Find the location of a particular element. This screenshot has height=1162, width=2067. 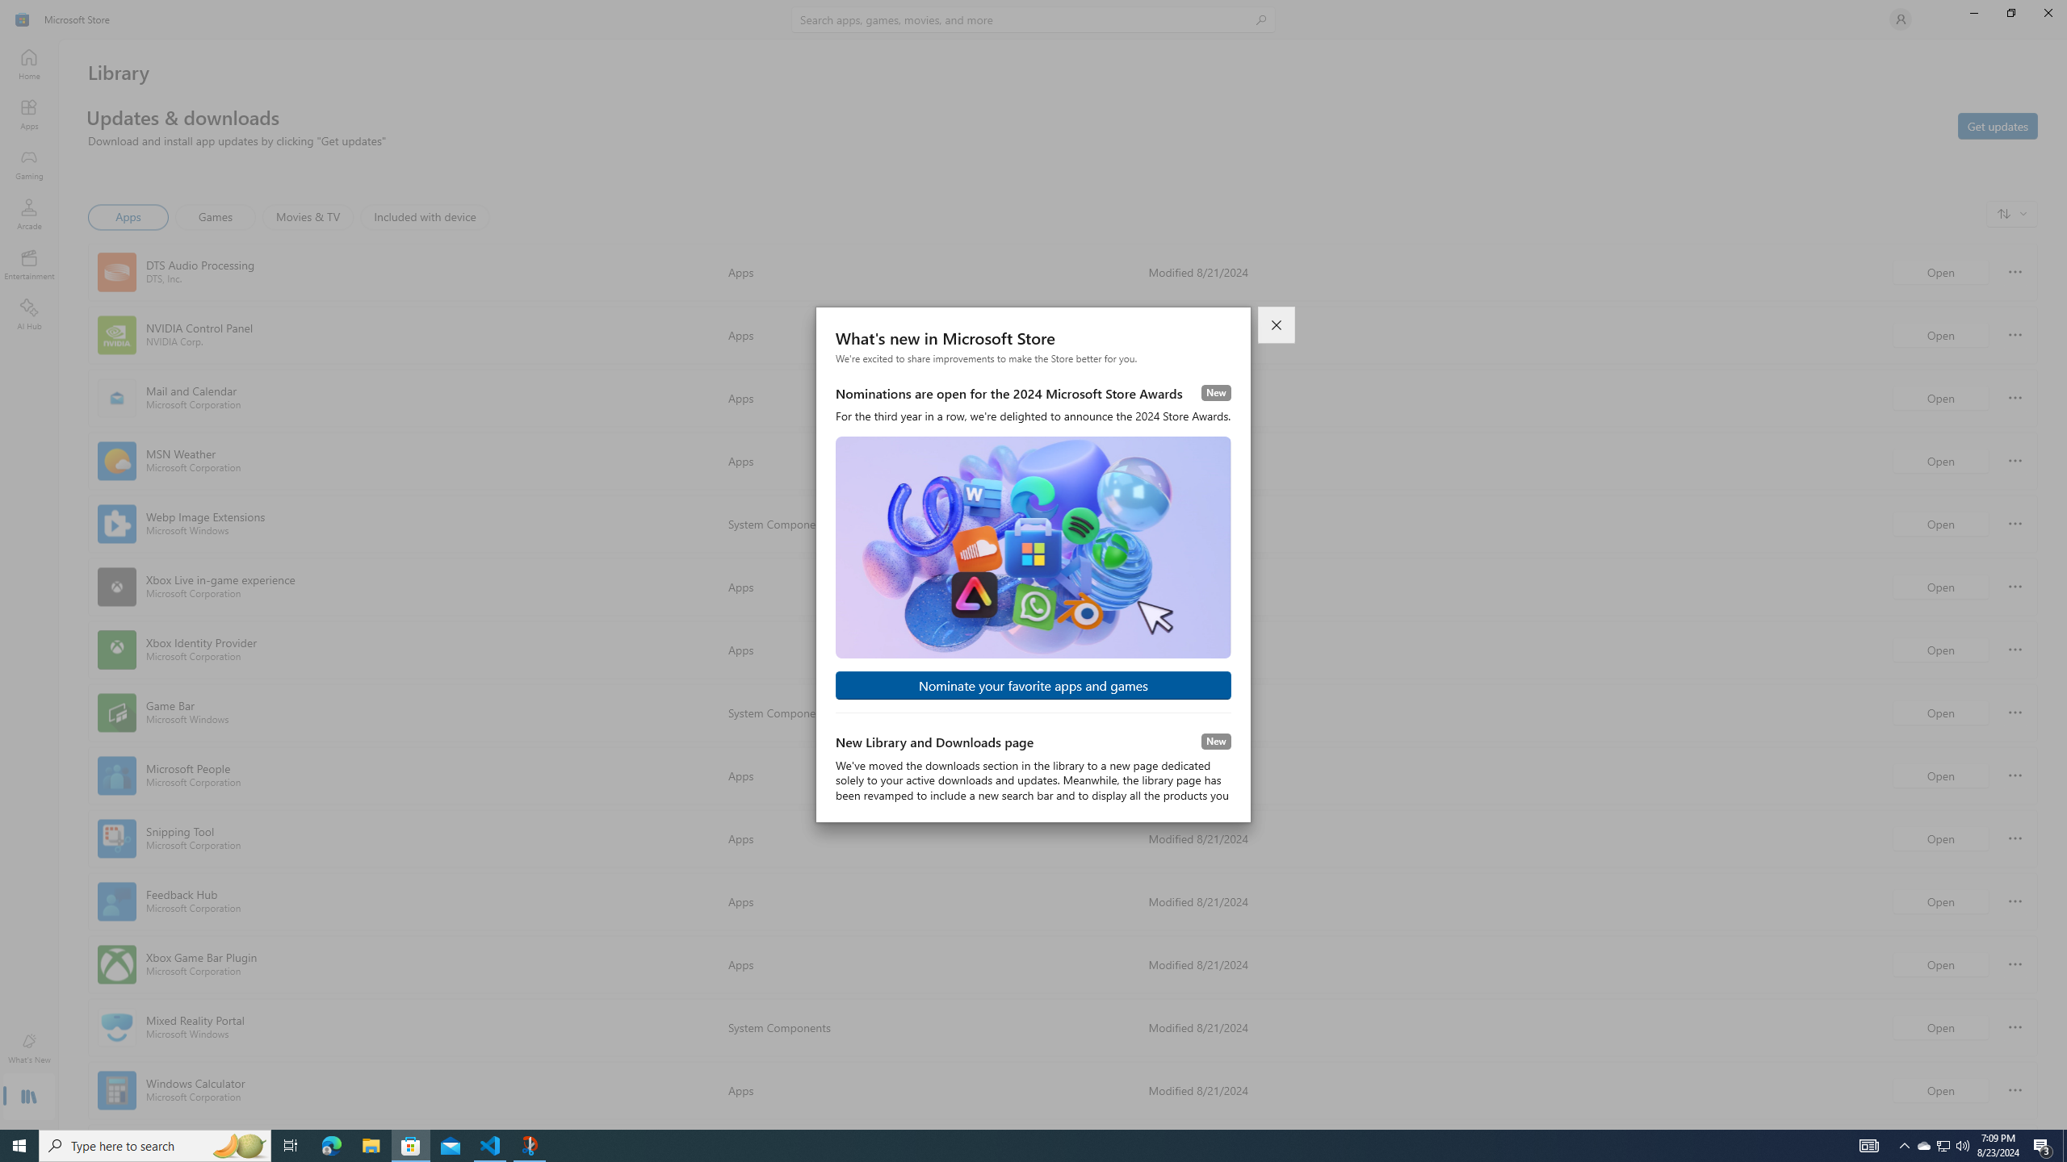

'Get updates' is located at coordinates (1998, 124).